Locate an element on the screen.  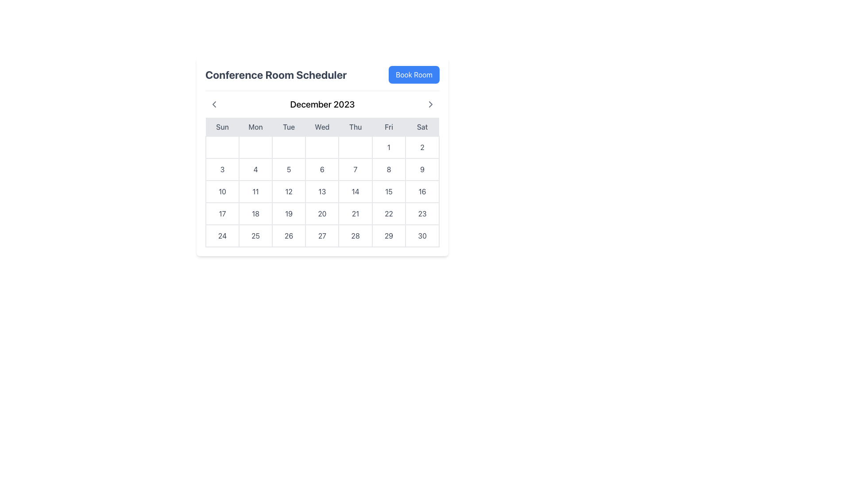
the first button in the calendar grid that represents the number '3' is located at coordinates (222, 169).